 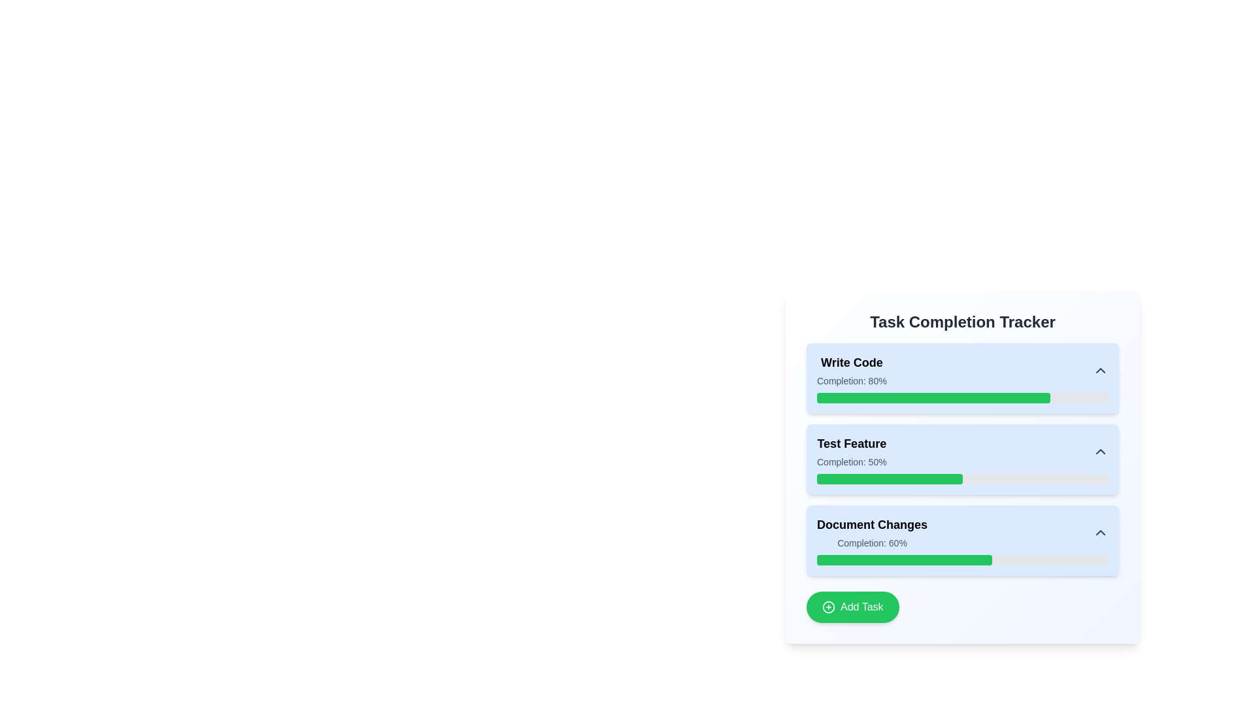 What do you see at coordinates (852, 607) in the screenshot?
I see `the green 'Add Task' button located at the bottom-center of the task card` at bounding box center [852, 607].